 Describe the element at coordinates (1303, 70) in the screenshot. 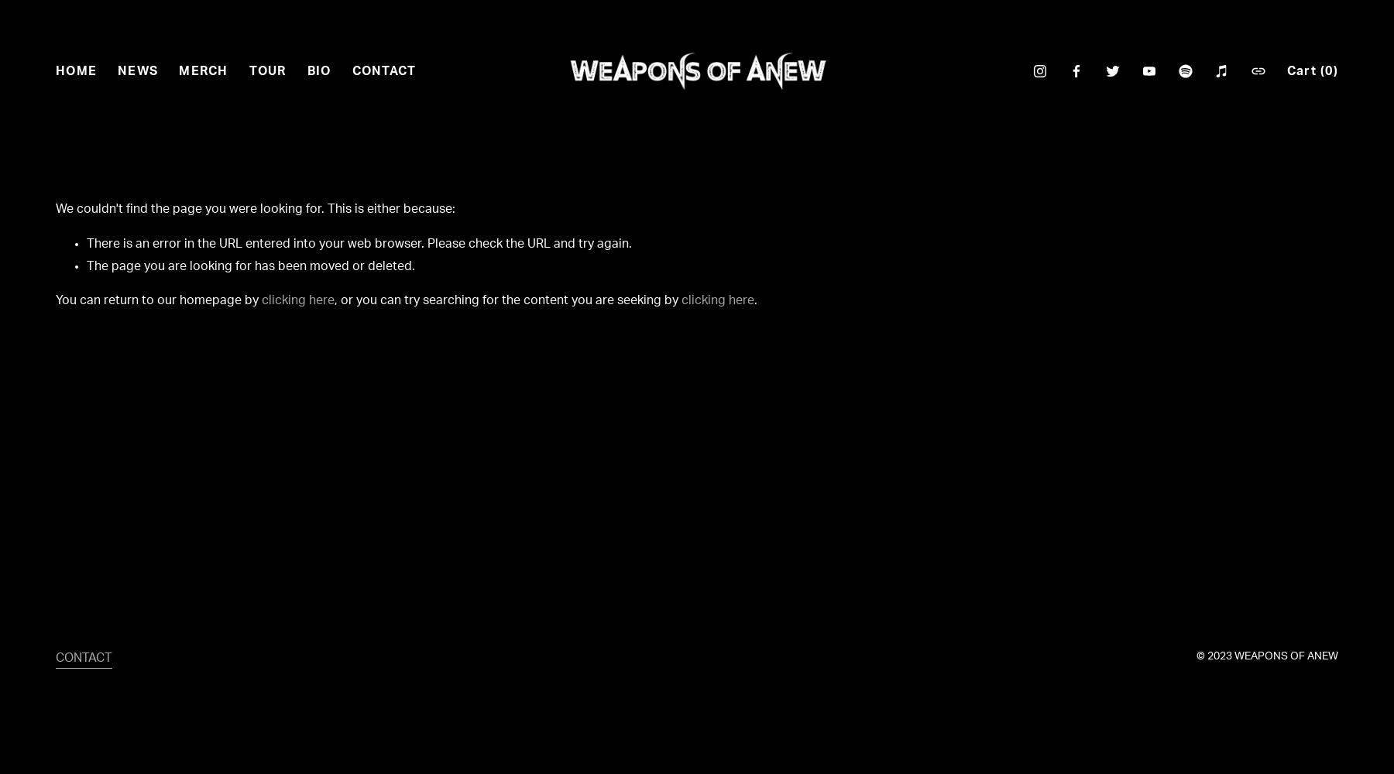

I see `'Cart'` at that location.